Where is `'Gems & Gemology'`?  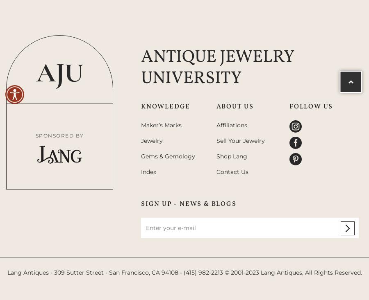 'Gems & Gemology' is located at coordinates (140, 156).